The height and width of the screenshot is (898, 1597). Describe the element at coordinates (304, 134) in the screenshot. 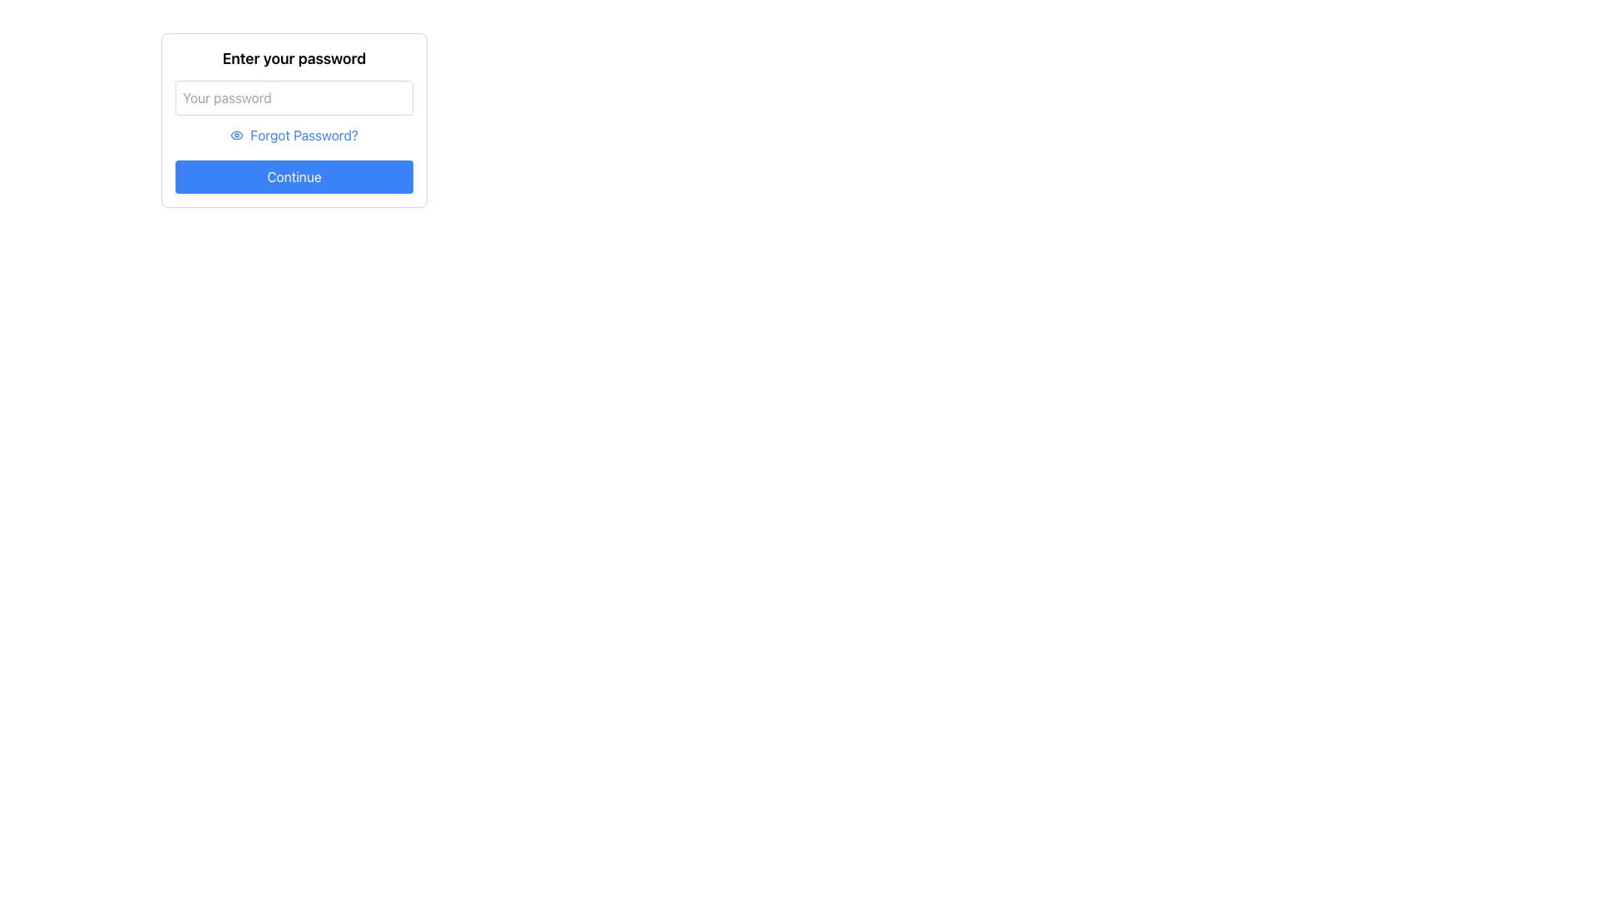

I see `the 'Forgot Password?' hyperlink` at that location.